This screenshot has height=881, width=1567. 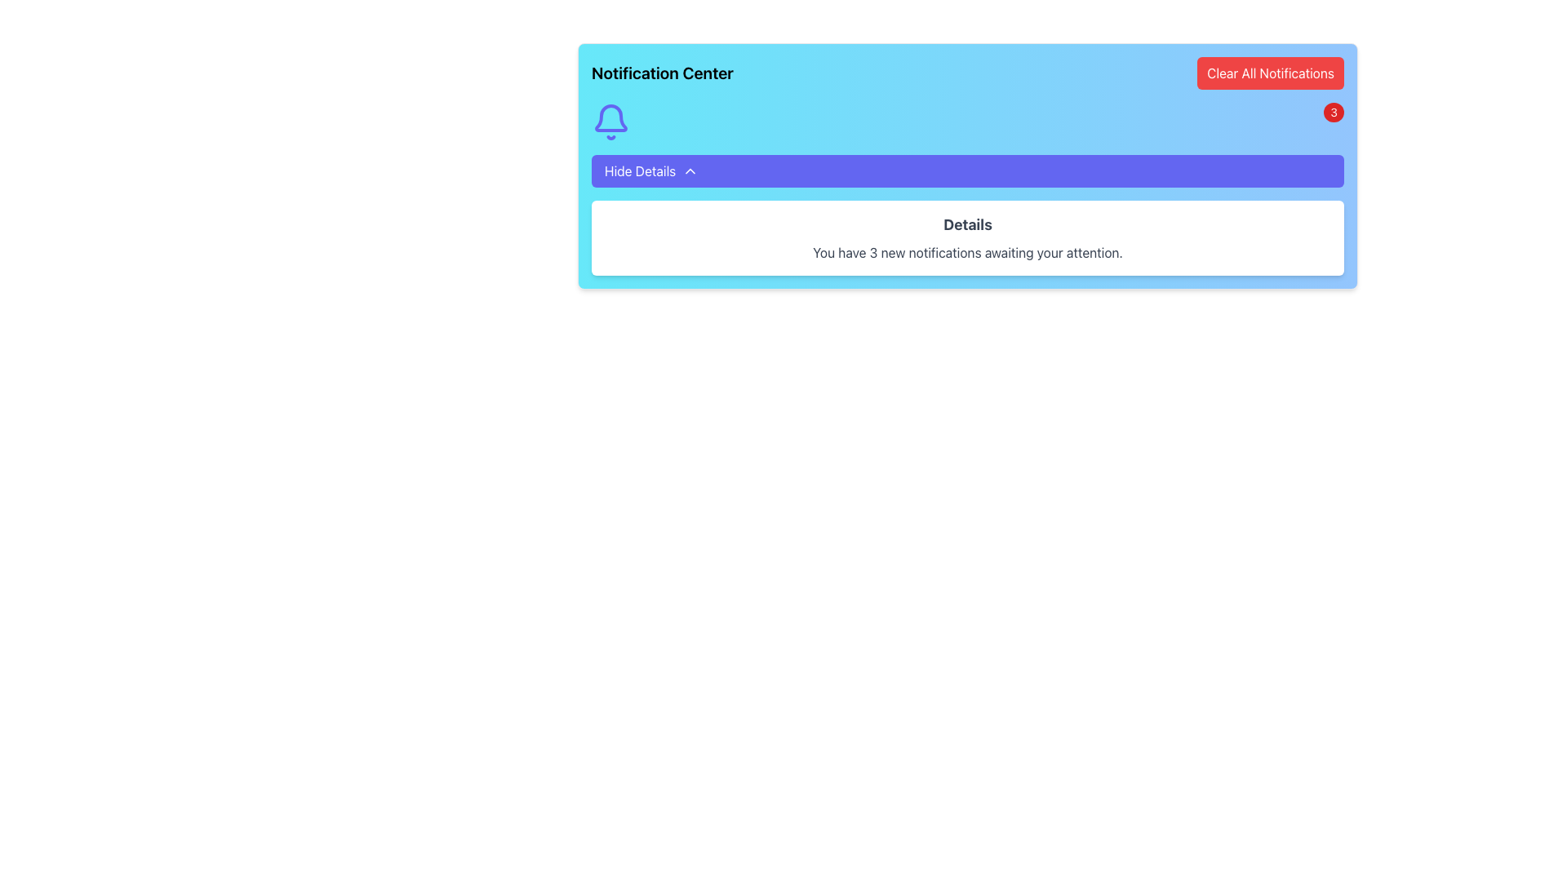 What do you see at coordinates (967, 166) in the screenshot?
I see `the 'Hide Details' button located in the Notification Center panel` at bounding box center [967, 166].